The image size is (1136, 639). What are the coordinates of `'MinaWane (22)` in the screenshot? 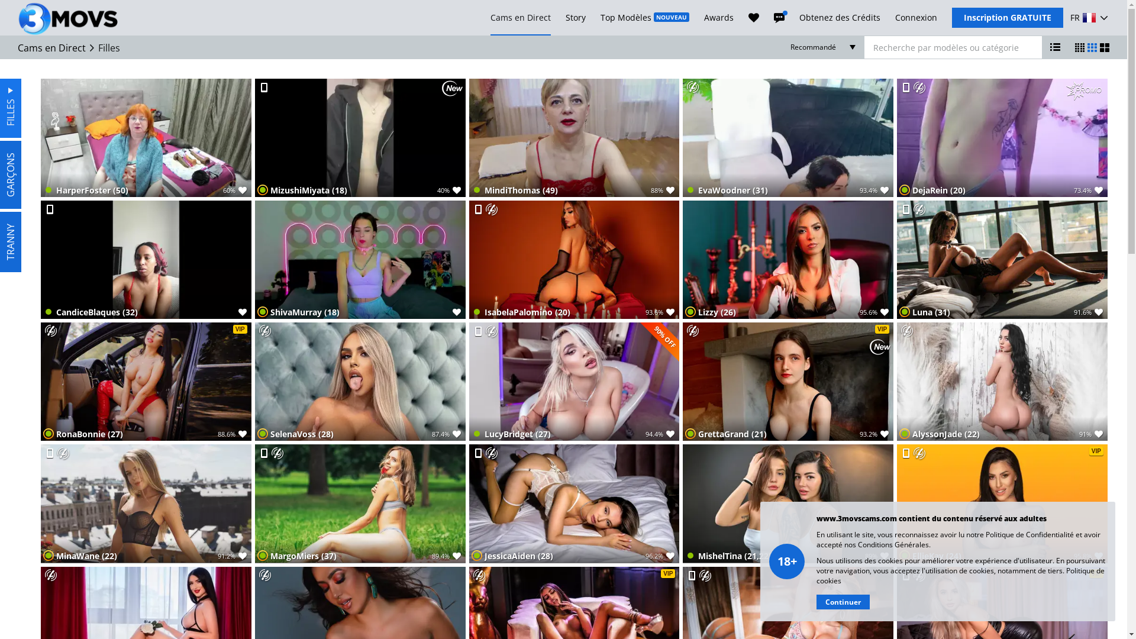 It's located at (145, 504).